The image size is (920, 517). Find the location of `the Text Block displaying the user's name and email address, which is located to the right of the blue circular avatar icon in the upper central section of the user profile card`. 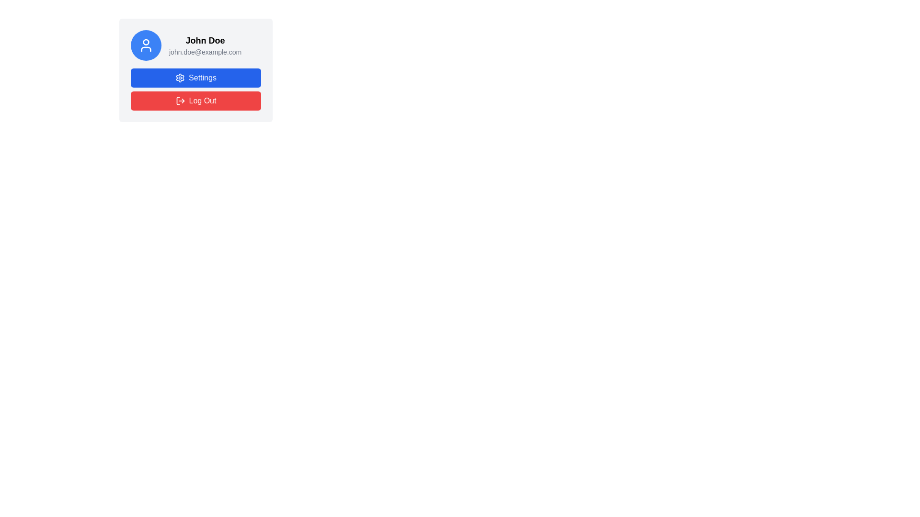

the Text Block displaying the user's name and email address, which is located to the right of the blue circular avatar icon in the upper central section of the user profile card is located at coordinates (205, 45).